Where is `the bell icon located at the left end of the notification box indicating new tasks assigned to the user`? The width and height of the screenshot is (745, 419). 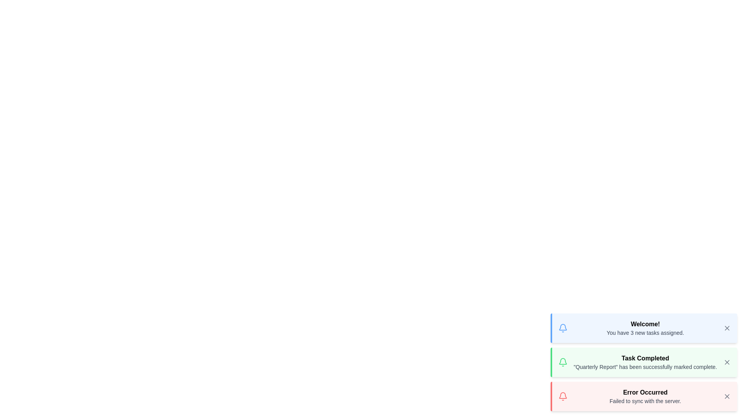 the bell icon located at the left end of the notification box indicating new tasks assigned to the user is located at coordinates (563, 328).